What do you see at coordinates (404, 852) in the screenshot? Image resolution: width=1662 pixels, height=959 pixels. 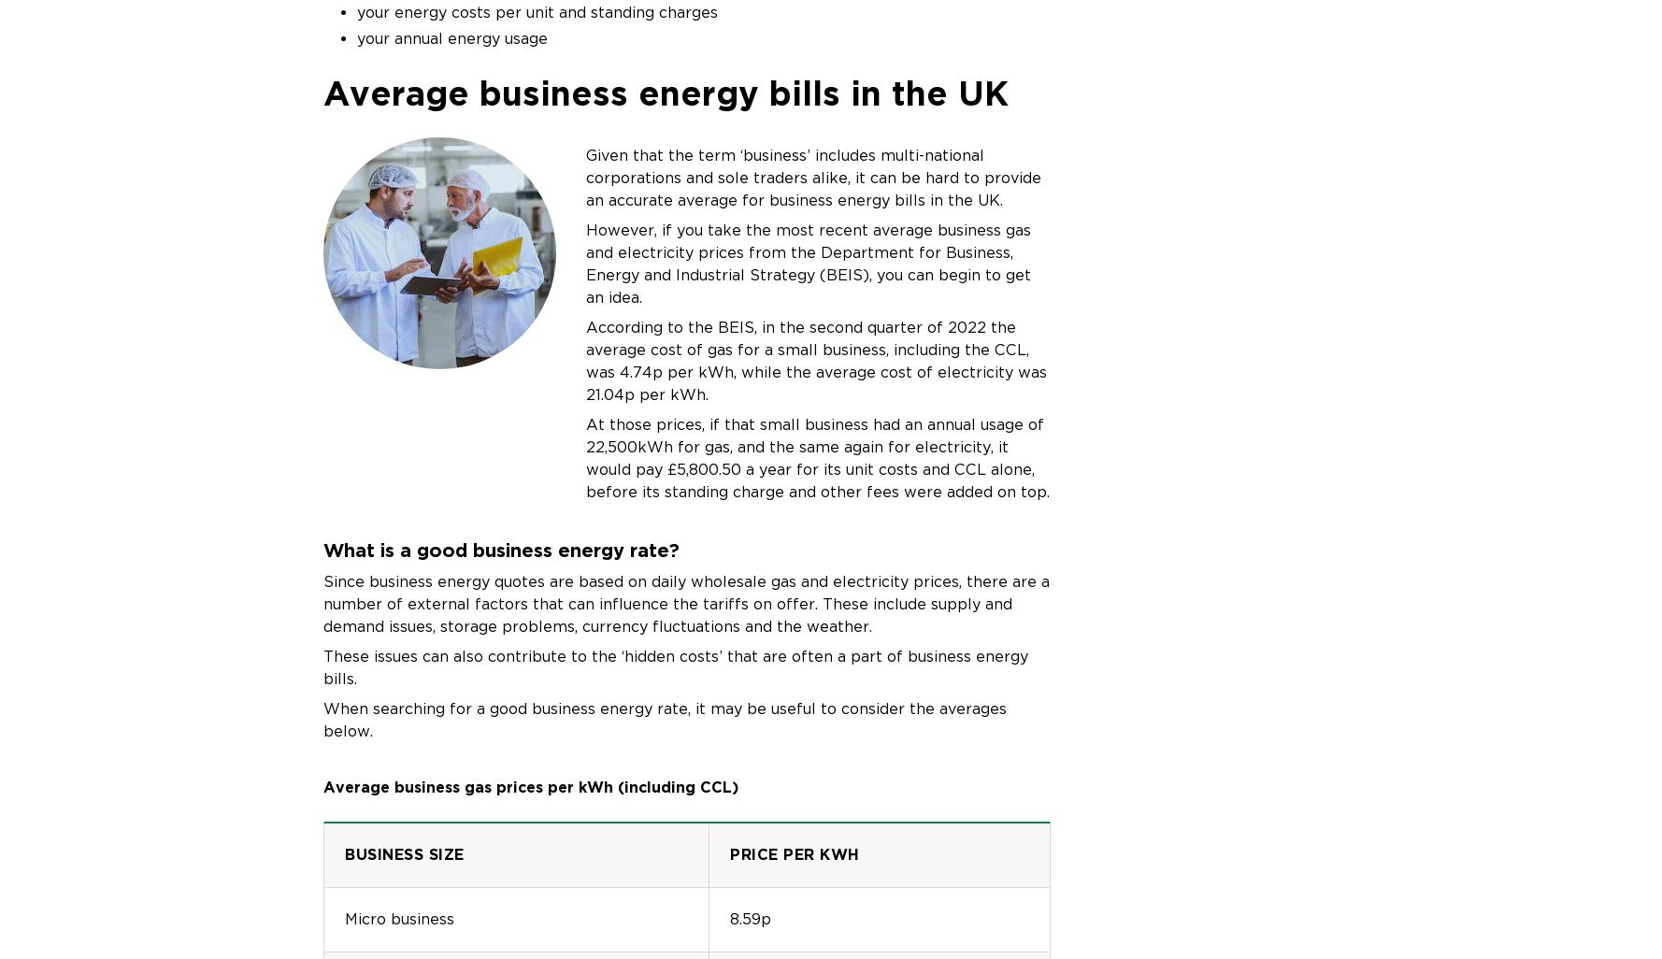 I see `'Business size'` at bounding box center [404, 852].